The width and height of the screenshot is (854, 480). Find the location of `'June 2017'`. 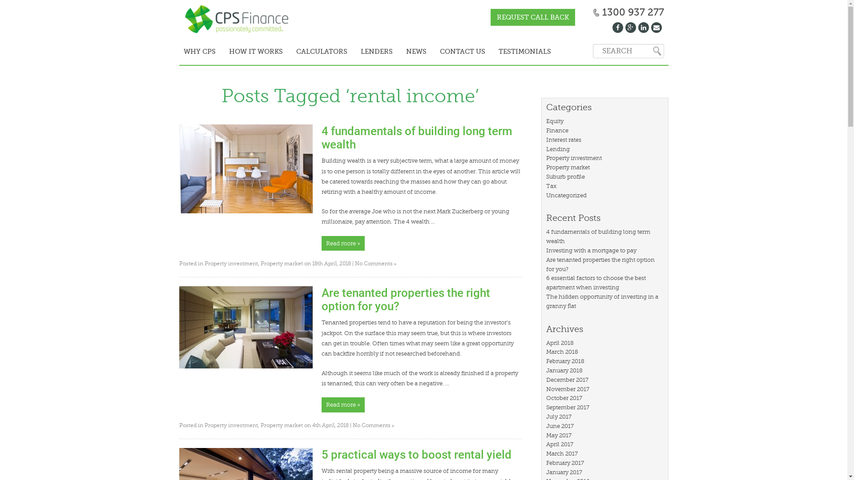

'June 2017' is located at coordinates (559, 425).